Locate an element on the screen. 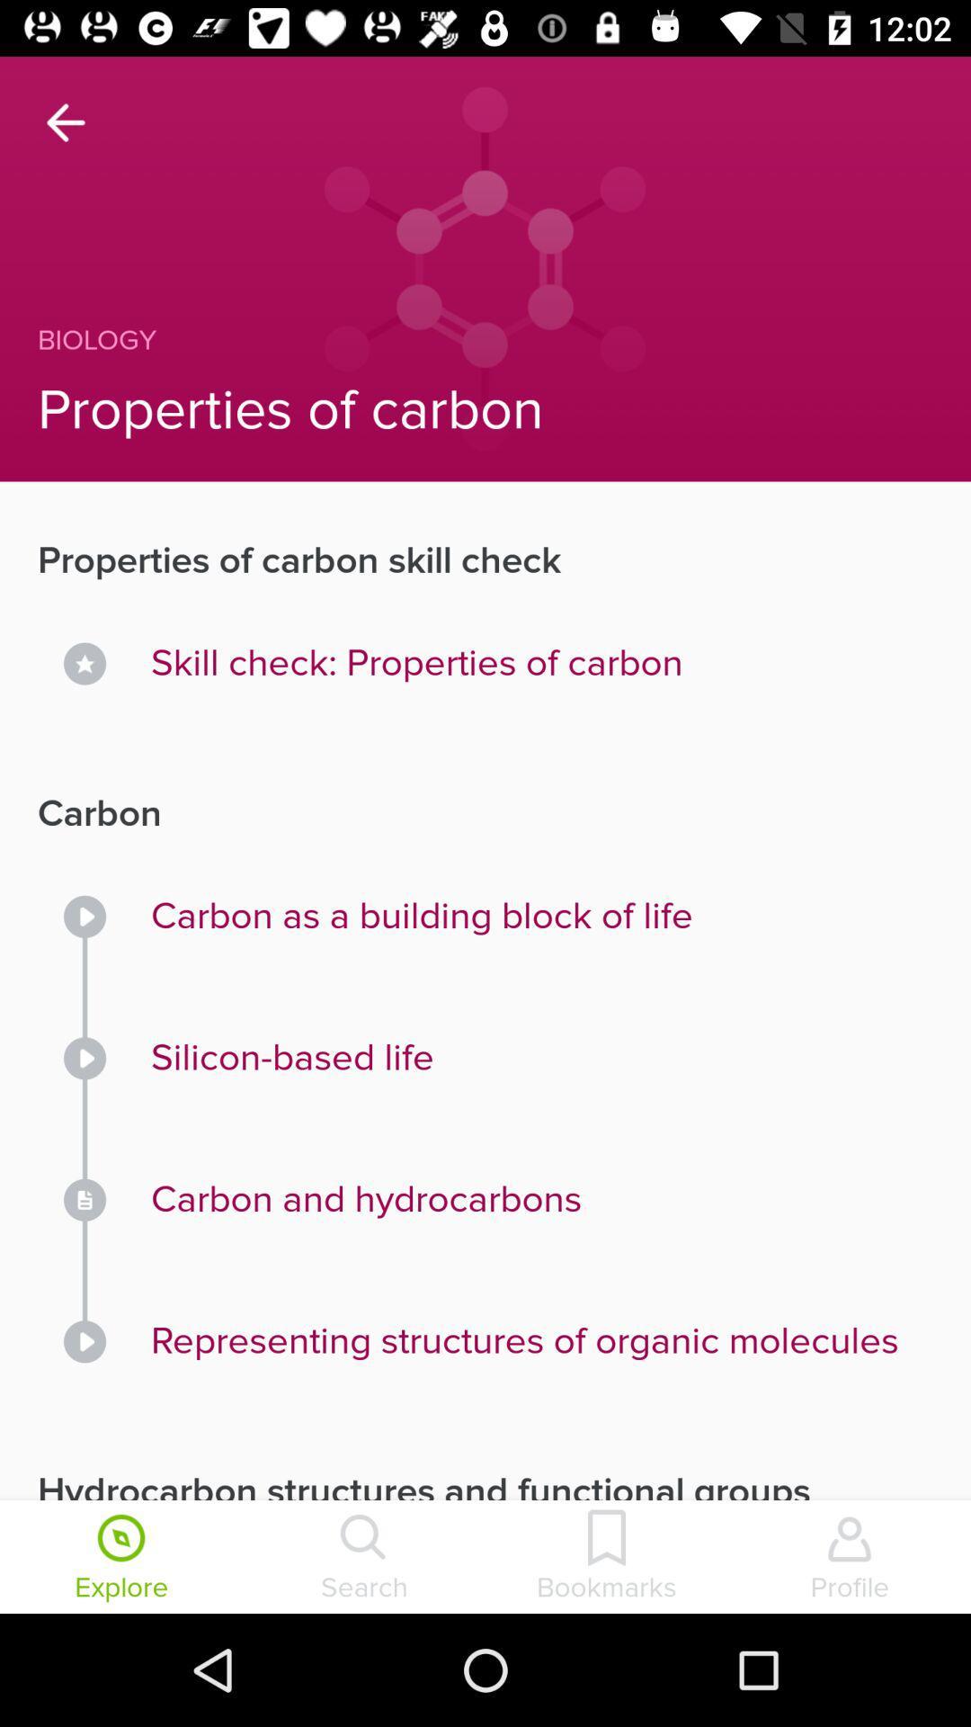  profile is located at coordinates (850, 1558).